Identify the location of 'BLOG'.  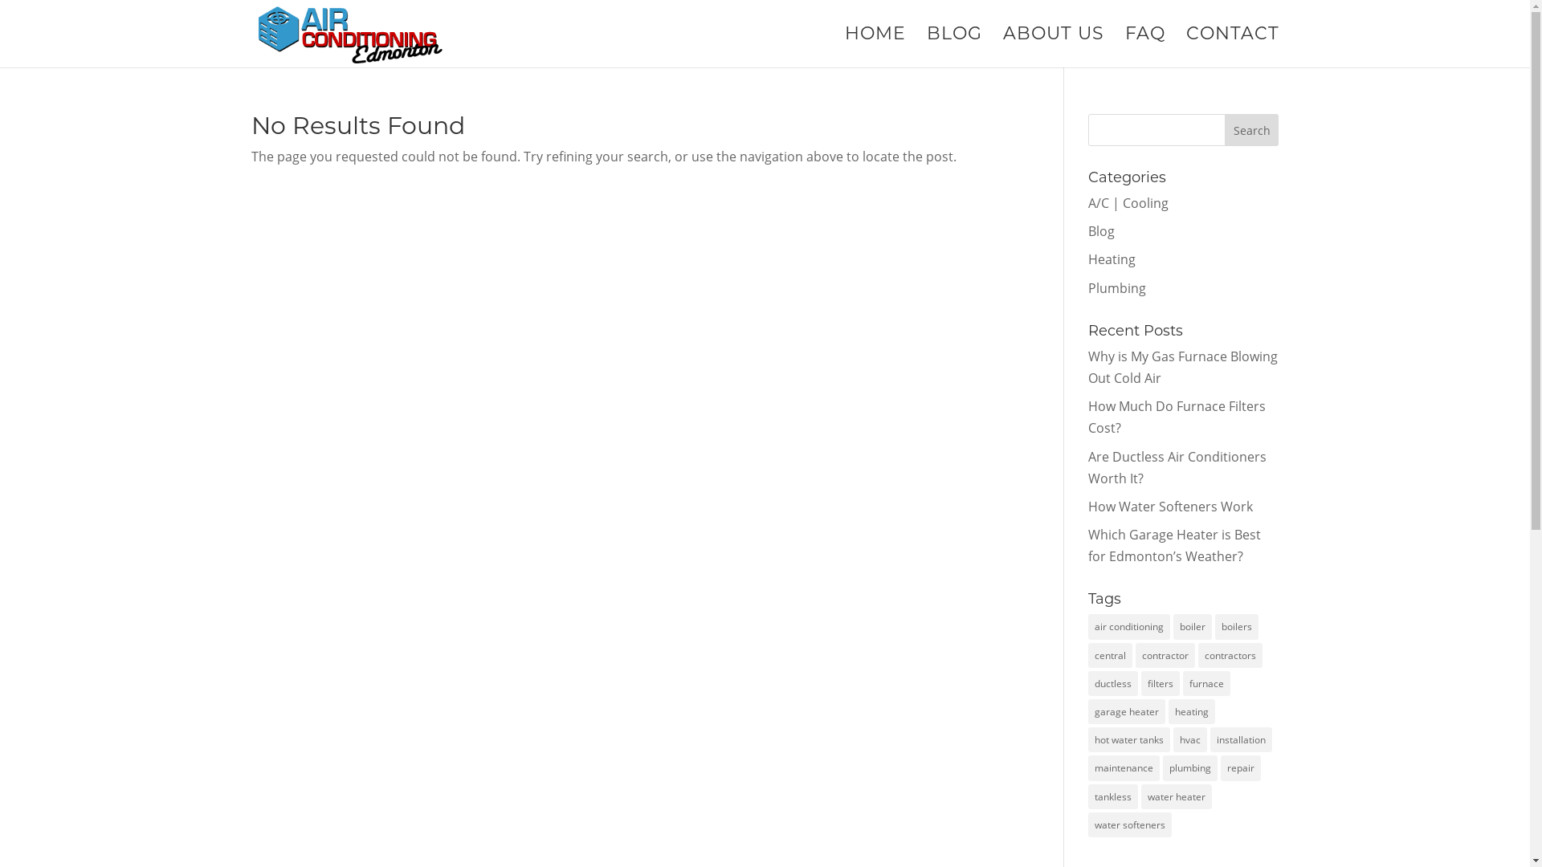
(954, 47).